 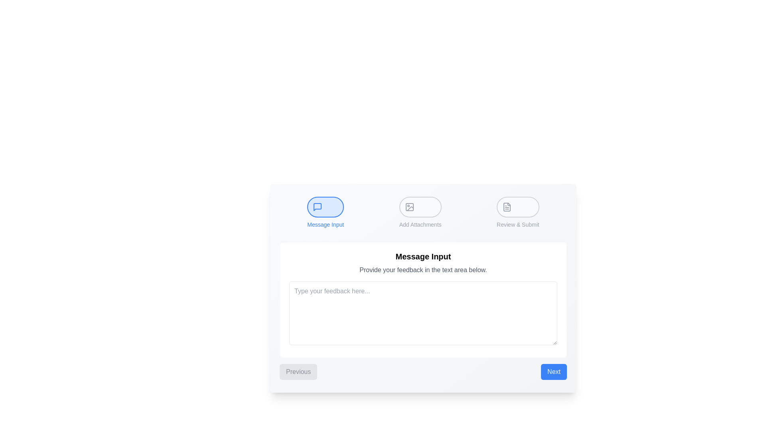 What do you see at coordinates (553, 372) in the screenshot?
I see `'Next' button to proceed to the next step` at bounding box center [553, 372].